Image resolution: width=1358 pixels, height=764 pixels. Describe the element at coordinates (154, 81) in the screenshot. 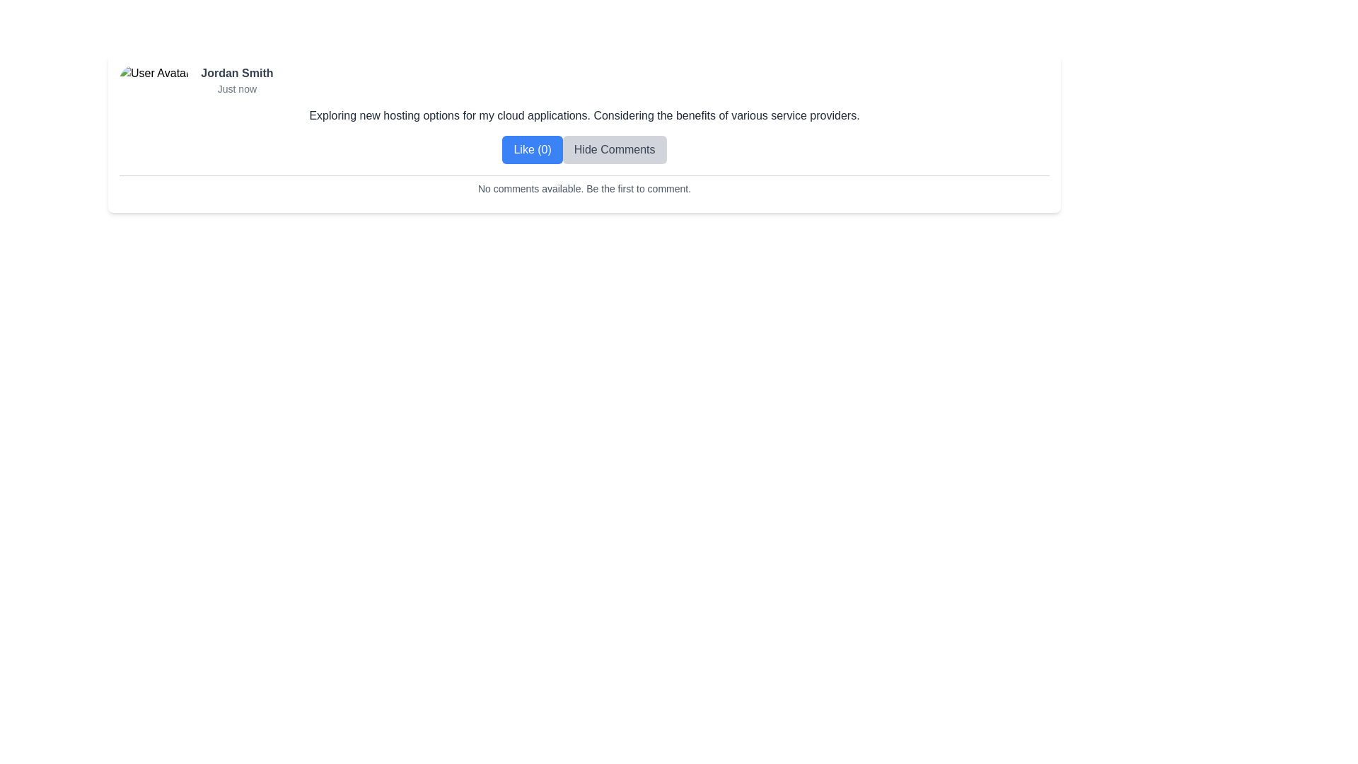

I see `the circular user avatar image located at the top-left corner of the horizontal panel` at that location.